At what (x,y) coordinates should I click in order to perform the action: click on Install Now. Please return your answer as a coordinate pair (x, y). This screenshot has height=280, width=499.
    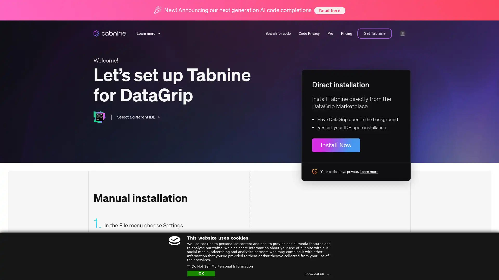
    Looking at the image, I should click on (336, 145).